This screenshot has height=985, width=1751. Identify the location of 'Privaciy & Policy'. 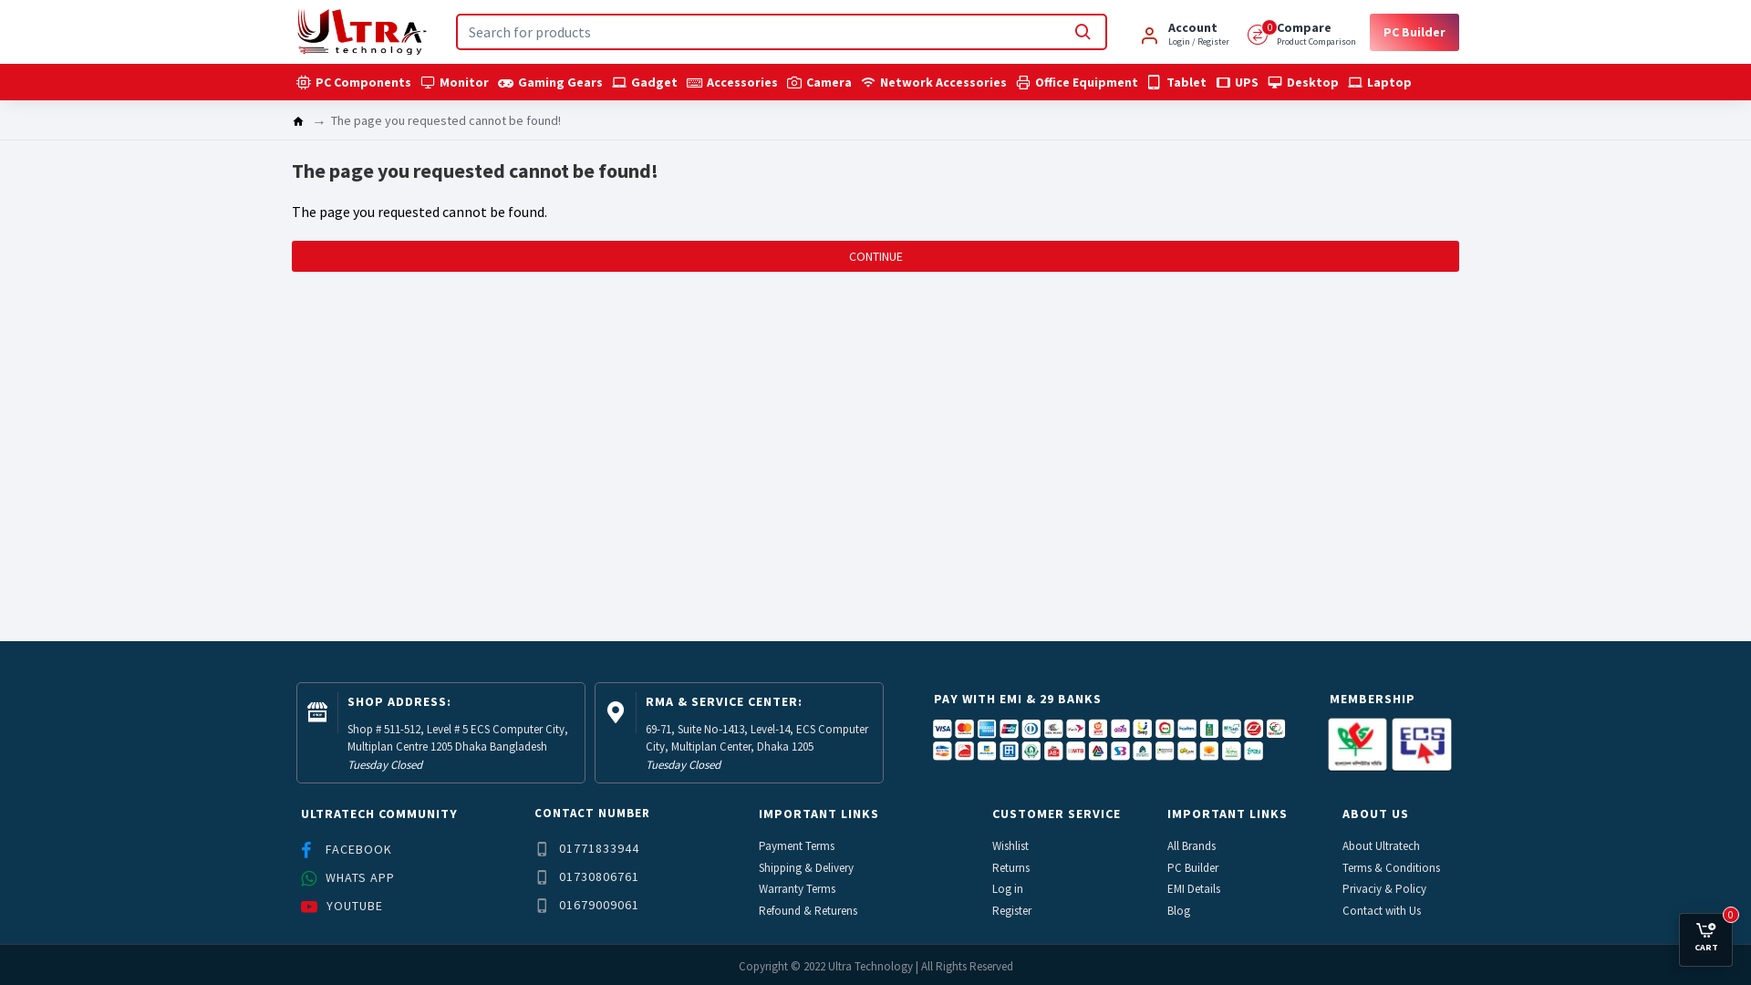
(1384, 888).